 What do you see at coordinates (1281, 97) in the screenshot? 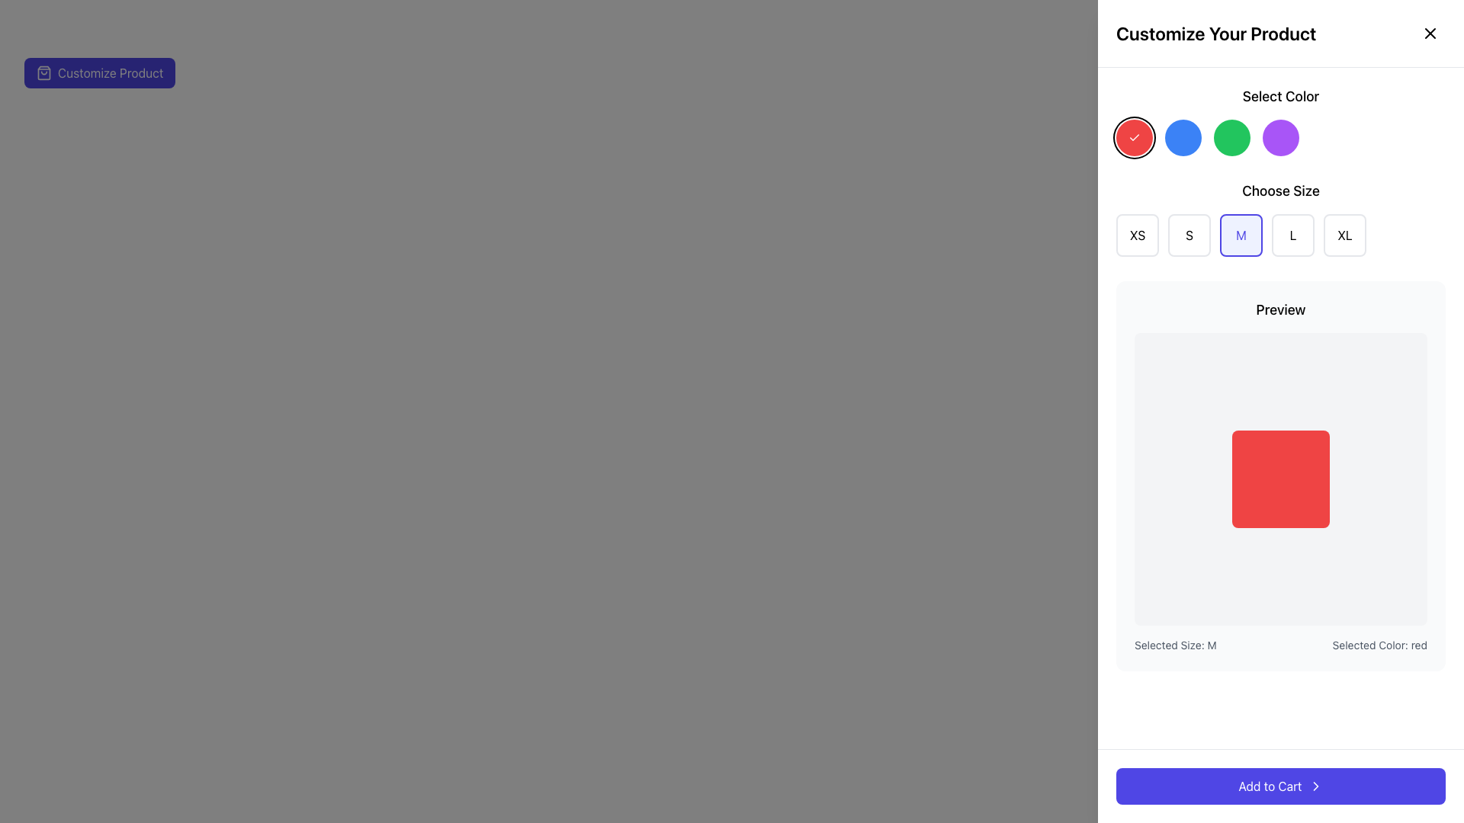
I see `'Select Color' text label at the top center of the panel to understand the purpose of the section` at bounding box center [1281, 97].